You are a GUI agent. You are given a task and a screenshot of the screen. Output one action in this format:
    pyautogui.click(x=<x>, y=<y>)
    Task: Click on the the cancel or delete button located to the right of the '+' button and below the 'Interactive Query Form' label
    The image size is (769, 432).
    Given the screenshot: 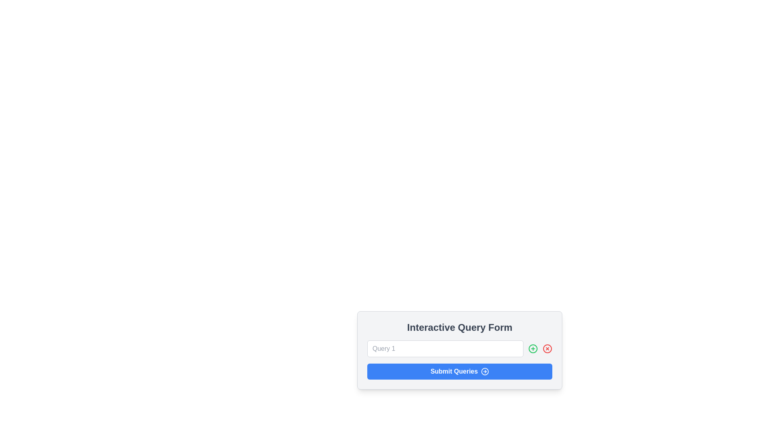 What is the action you would take?
    pyautogui.click(x=547, y=348)
    